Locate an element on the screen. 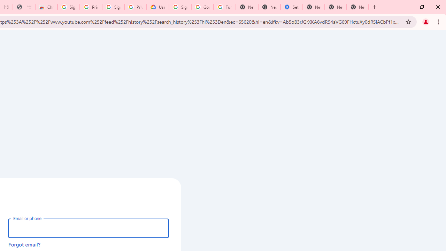  'Google Account Help' is located at coordinates (202, 7).